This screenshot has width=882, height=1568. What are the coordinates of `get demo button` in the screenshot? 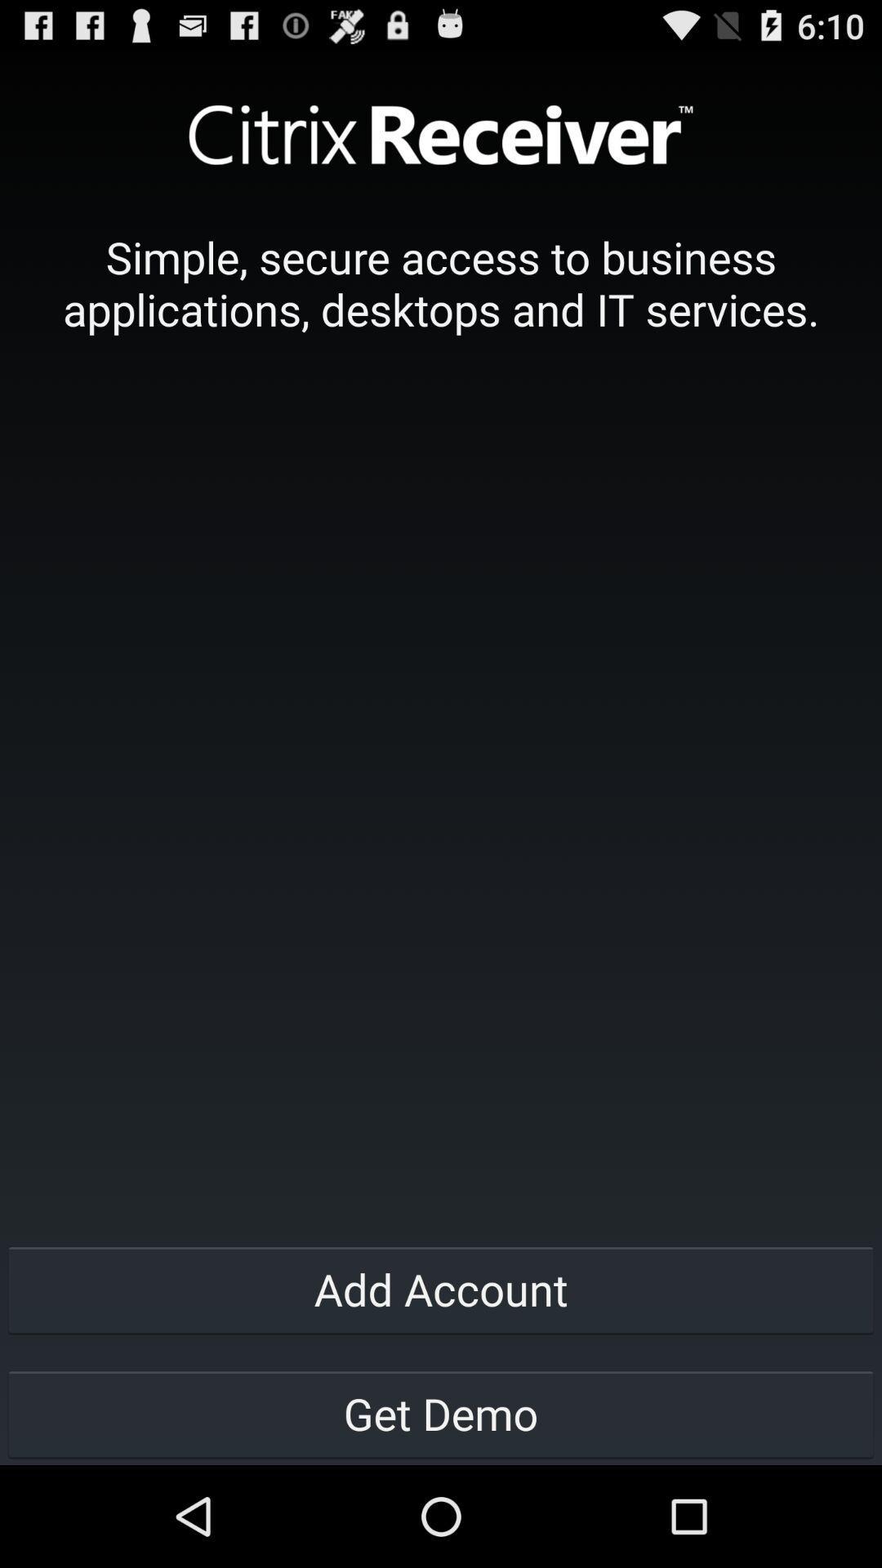 It's located at (441, 1413).